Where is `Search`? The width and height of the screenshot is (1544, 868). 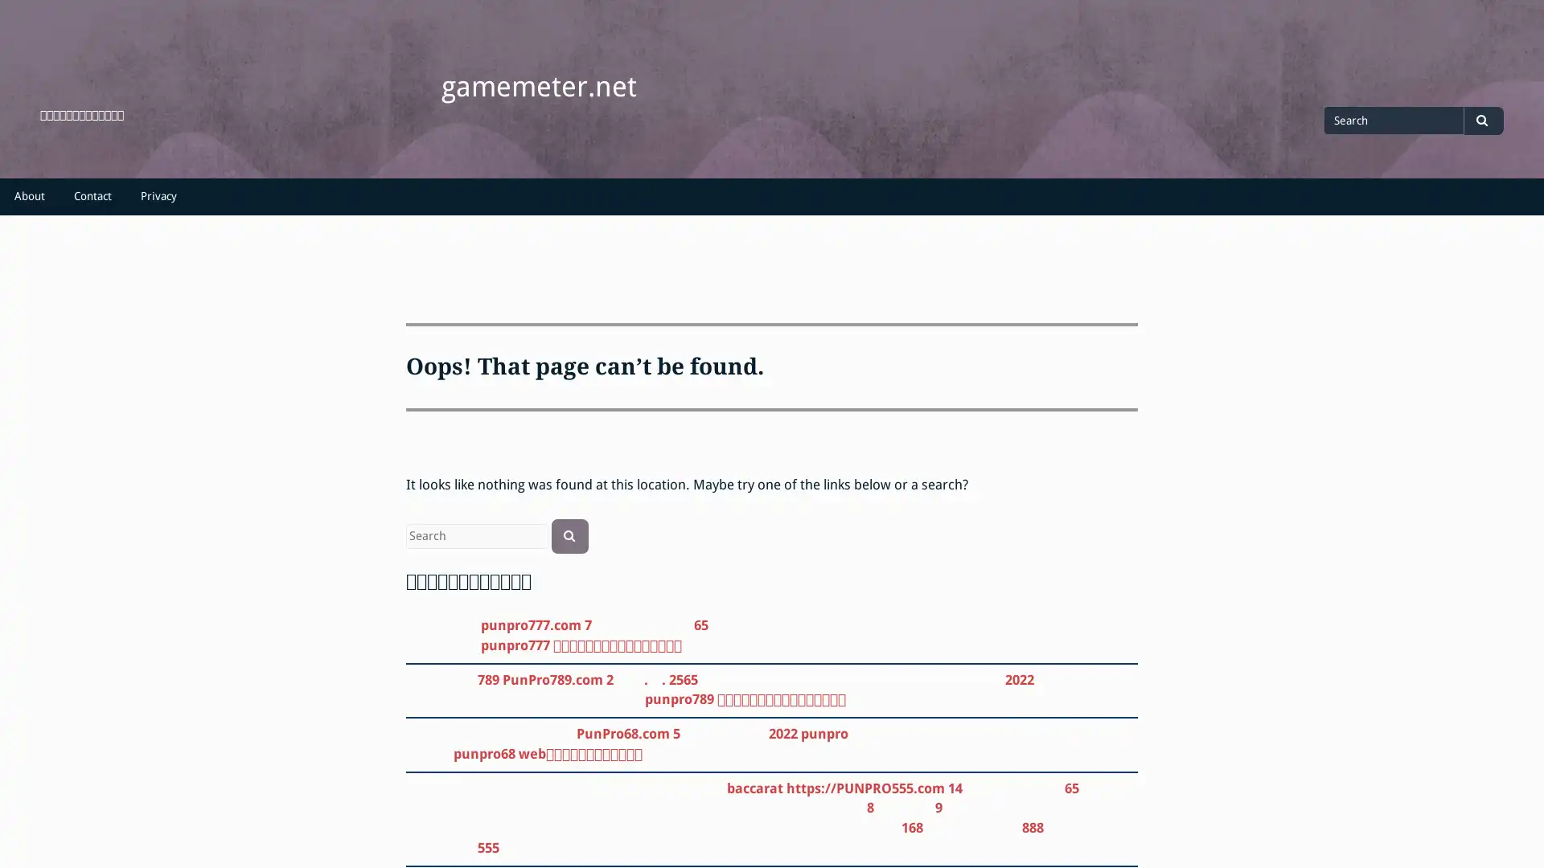 Search is located at coordinates (1483, 120).